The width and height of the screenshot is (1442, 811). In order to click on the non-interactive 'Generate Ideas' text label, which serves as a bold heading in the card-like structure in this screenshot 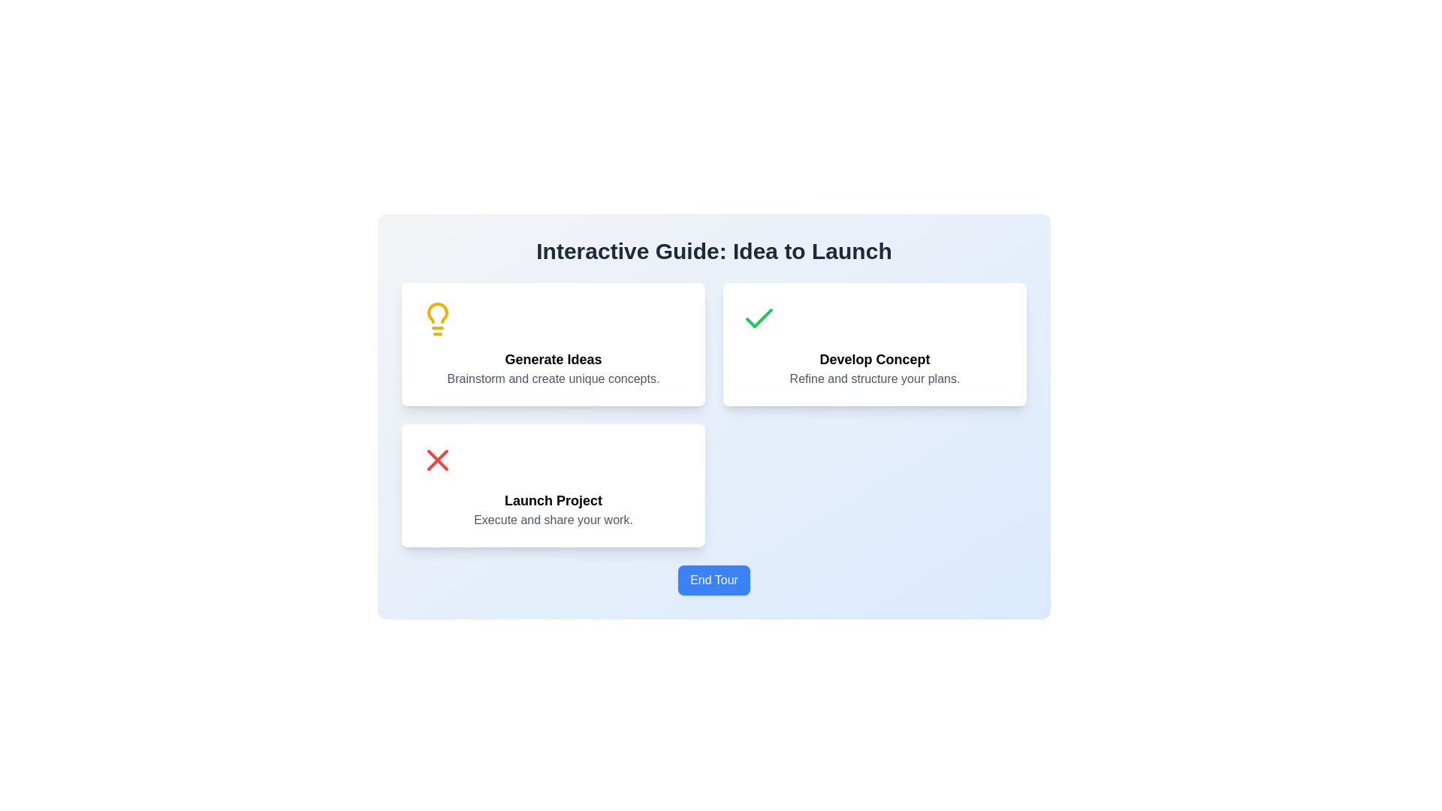, I will do `click(553, 359)`.